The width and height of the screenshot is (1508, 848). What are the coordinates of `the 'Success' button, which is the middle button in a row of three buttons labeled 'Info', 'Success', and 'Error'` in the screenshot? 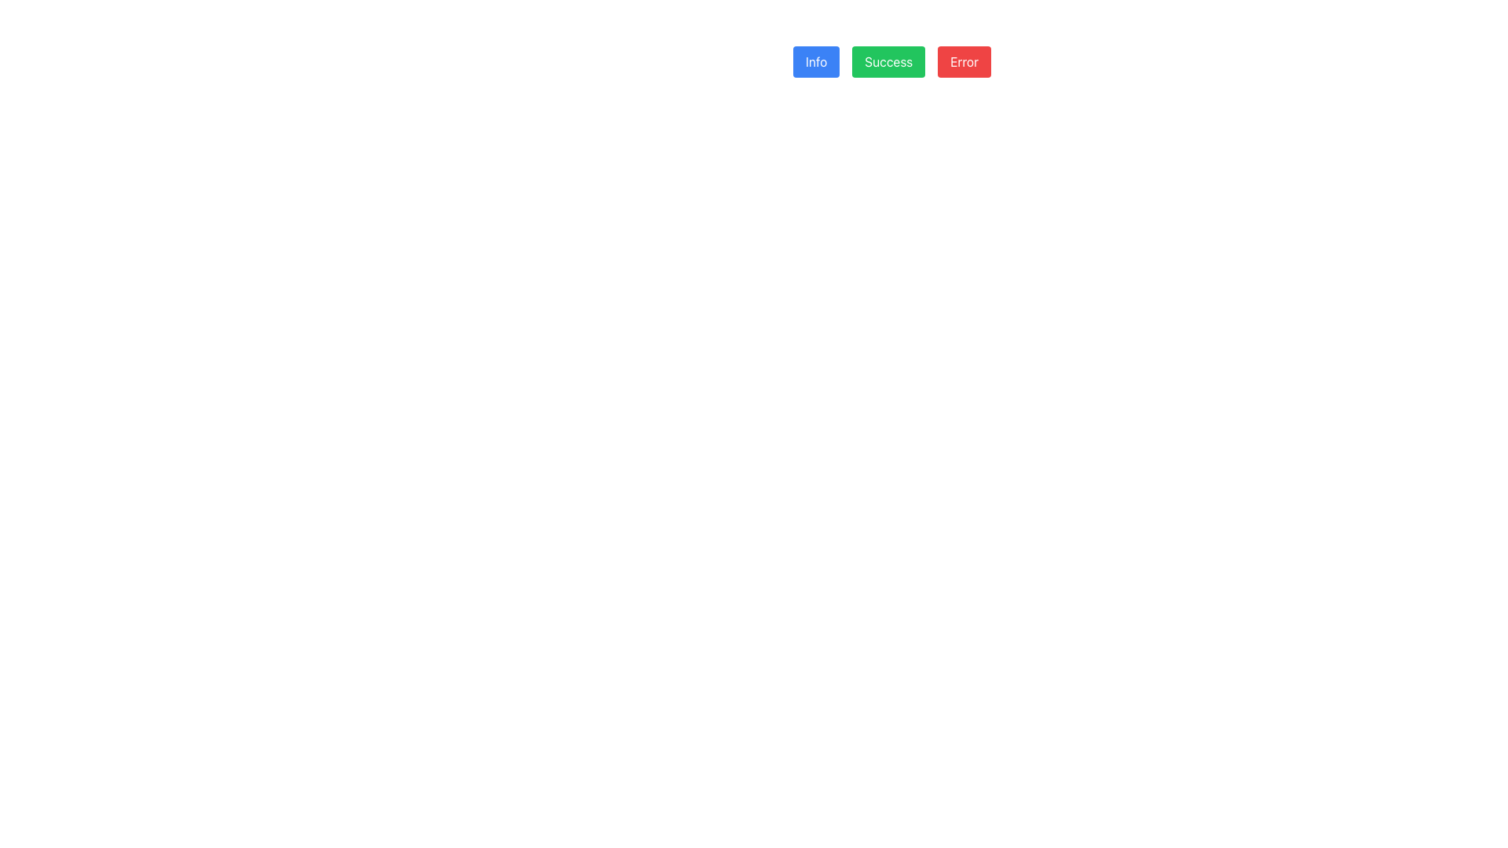 It's located at (891, 60).